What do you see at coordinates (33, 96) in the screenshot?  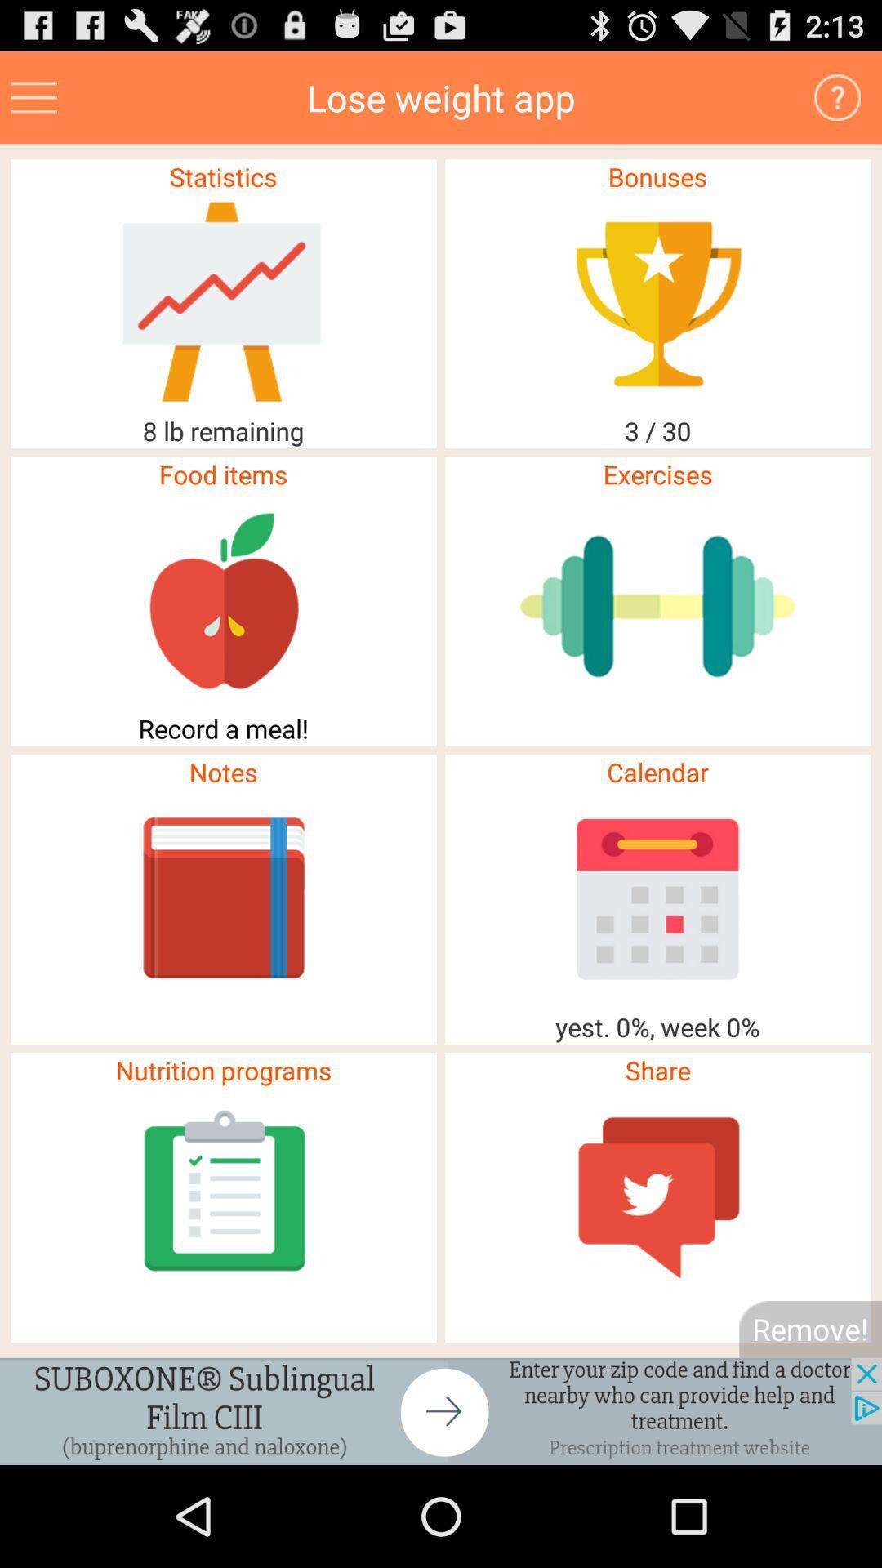 I see `advertisement link` at bounding box center [33, 96].